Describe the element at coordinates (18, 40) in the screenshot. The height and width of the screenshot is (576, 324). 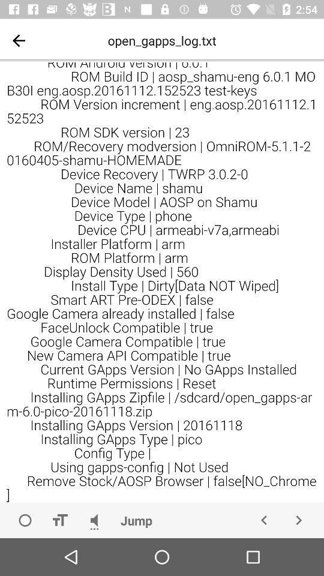
I see `the arrow_backward icon` at that location.